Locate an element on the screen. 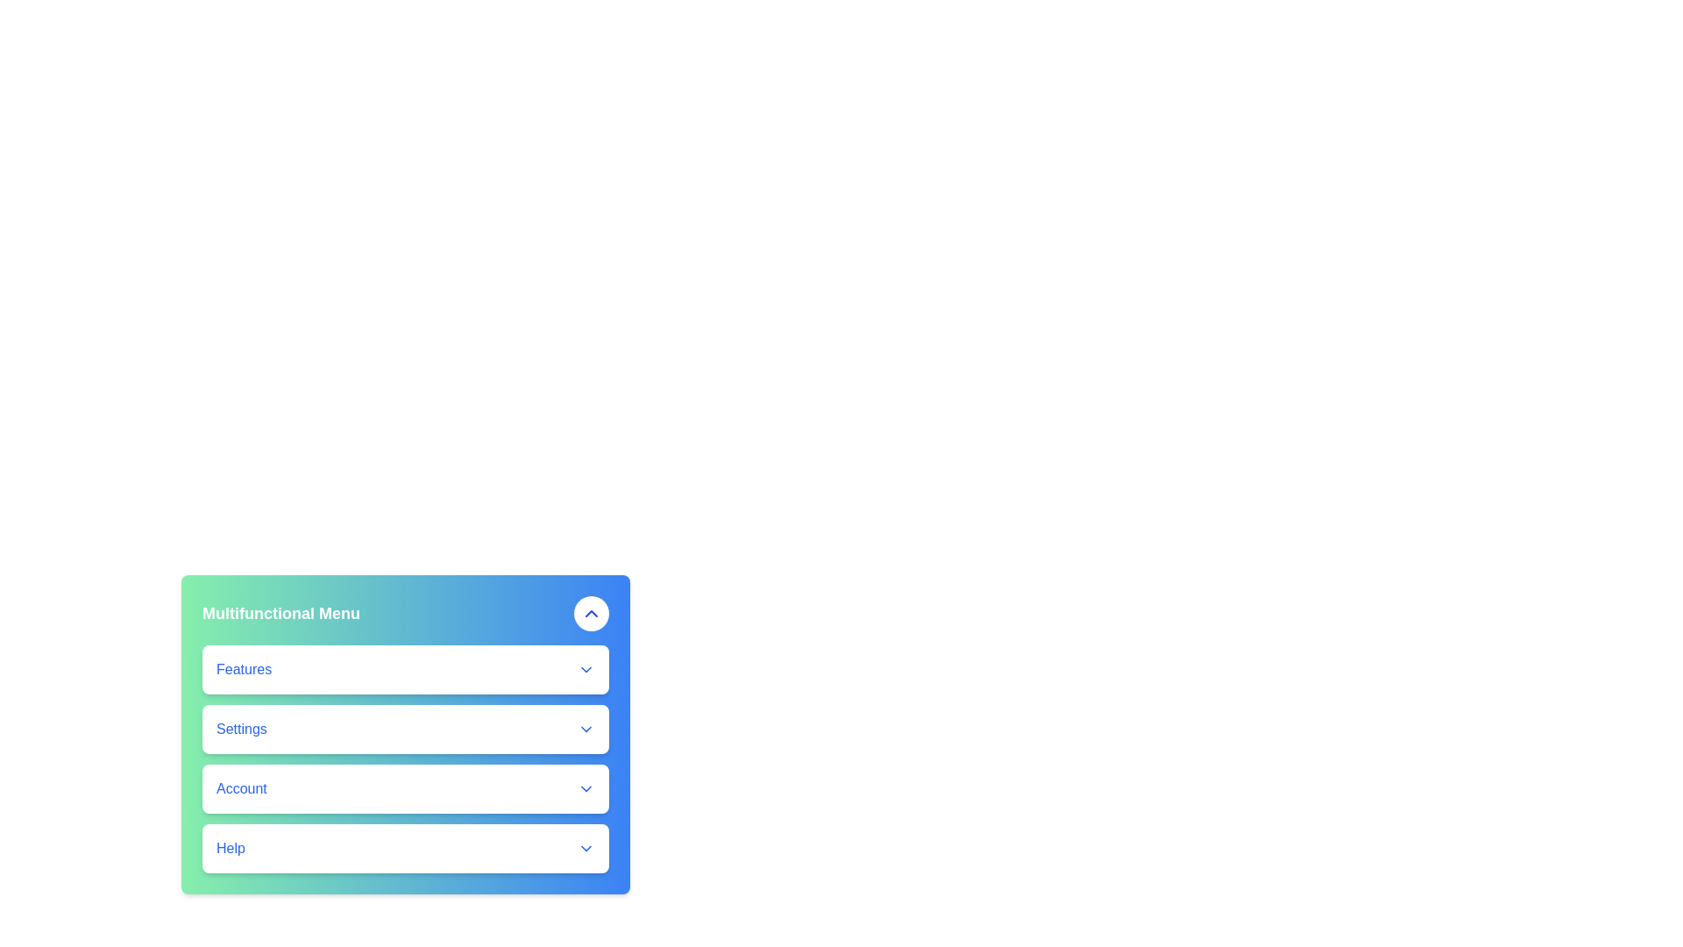  the upward chevron icon located in the top-right corner of the Multifunctional Menu is located at coordinates (592, 612).